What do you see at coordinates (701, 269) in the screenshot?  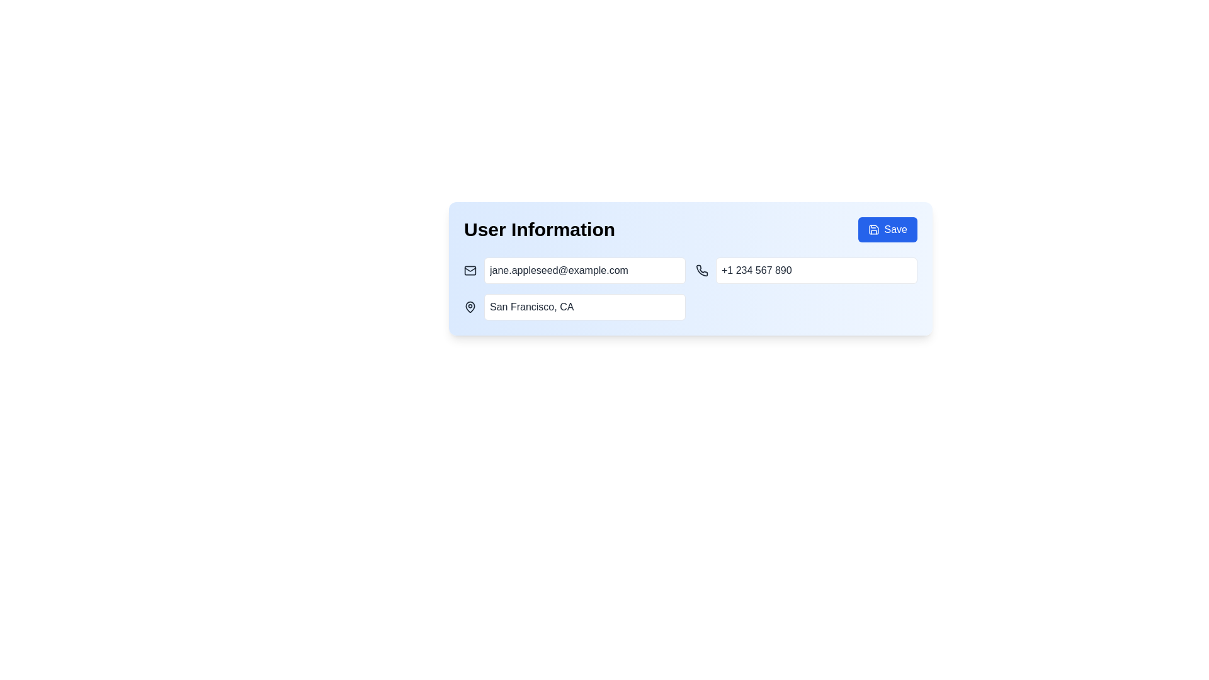 I see `the telephone receiver icon, which is styled with a minimalist black line design and is positioned to the left of the phone number text field` at bounding box center [701, 269].